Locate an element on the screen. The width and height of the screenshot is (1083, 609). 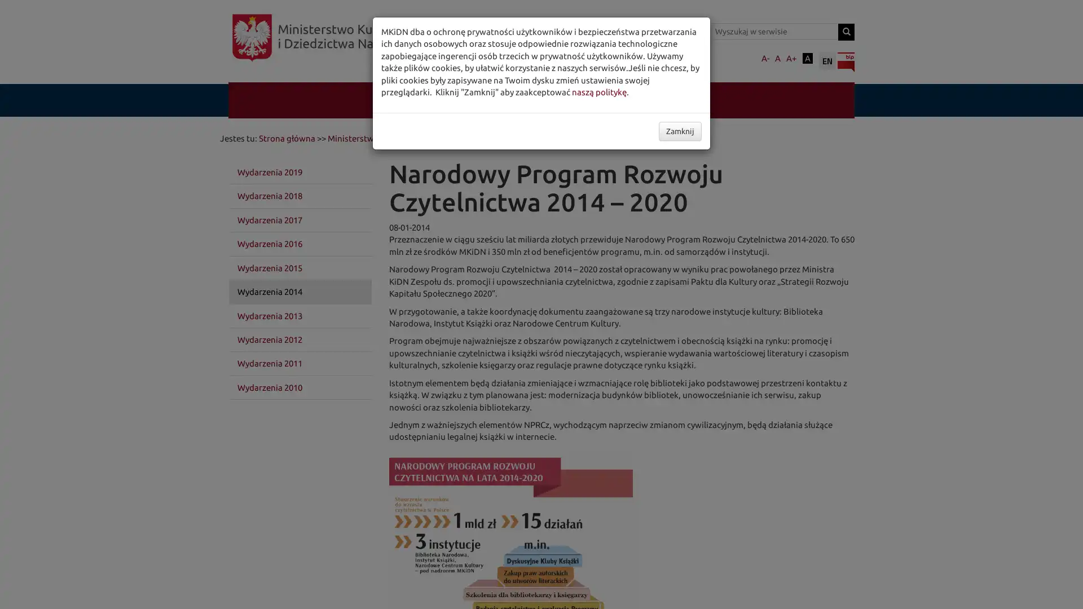
Zamknij is located at coordinates (679, 130).